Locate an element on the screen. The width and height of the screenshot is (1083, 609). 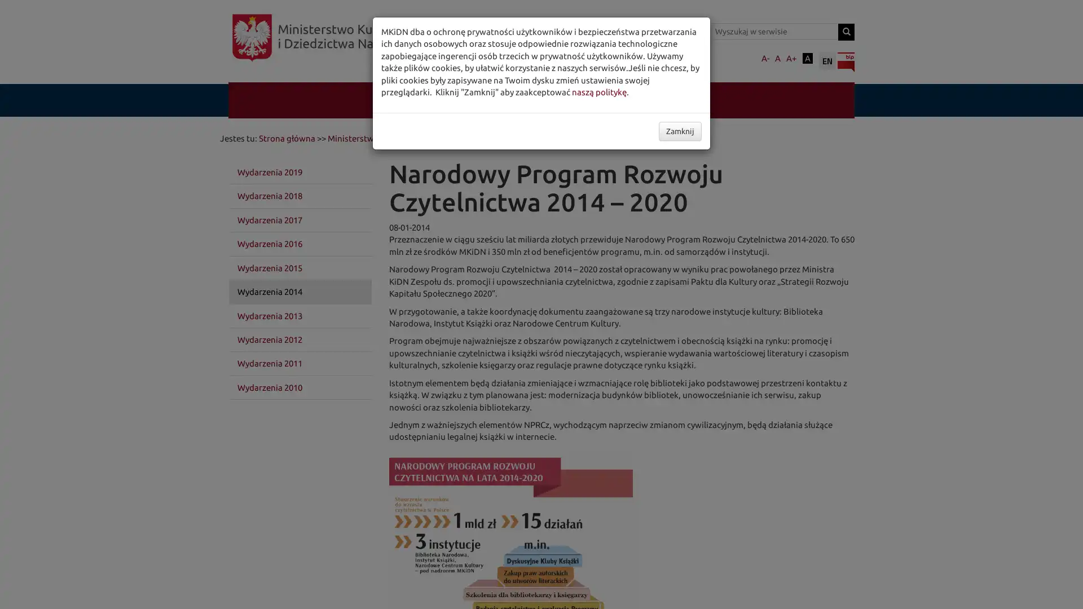
Zamknij is located at coordinates (679, 130).